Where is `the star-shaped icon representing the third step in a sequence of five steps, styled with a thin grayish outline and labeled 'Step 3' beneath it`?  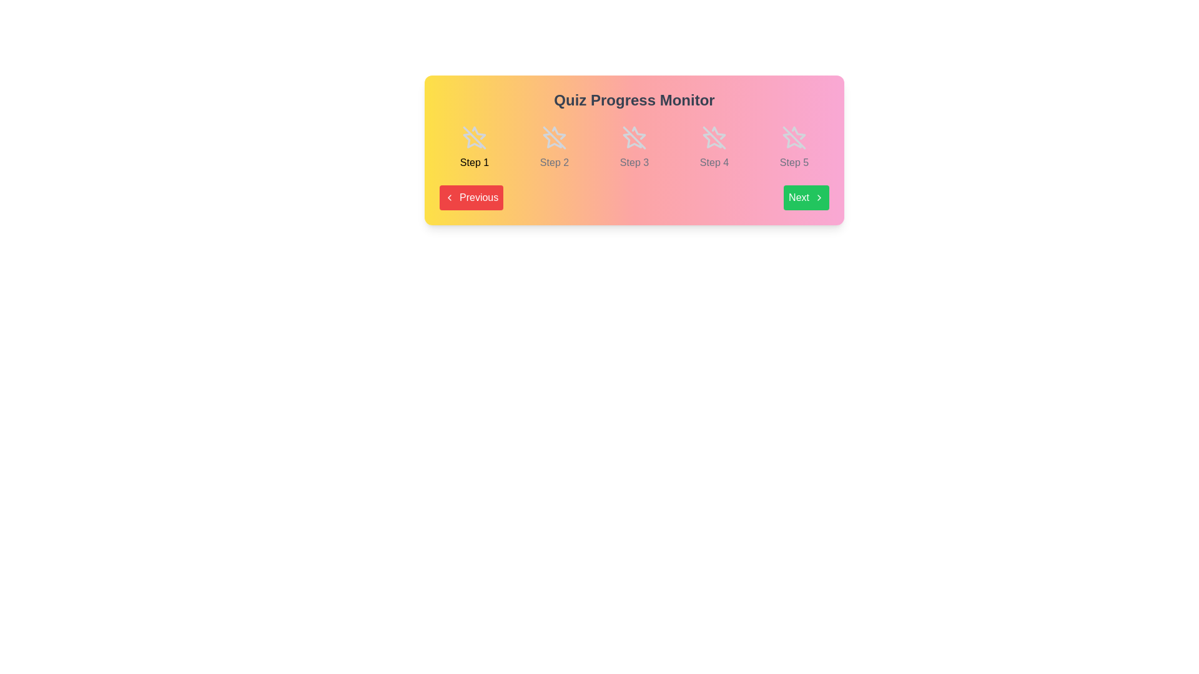 the star-shaped icon representing the third step in a sequence of five steps, styled with a thin grayish outline and labeled 'Step 3' beneath it is located at coordinates (639, 133).